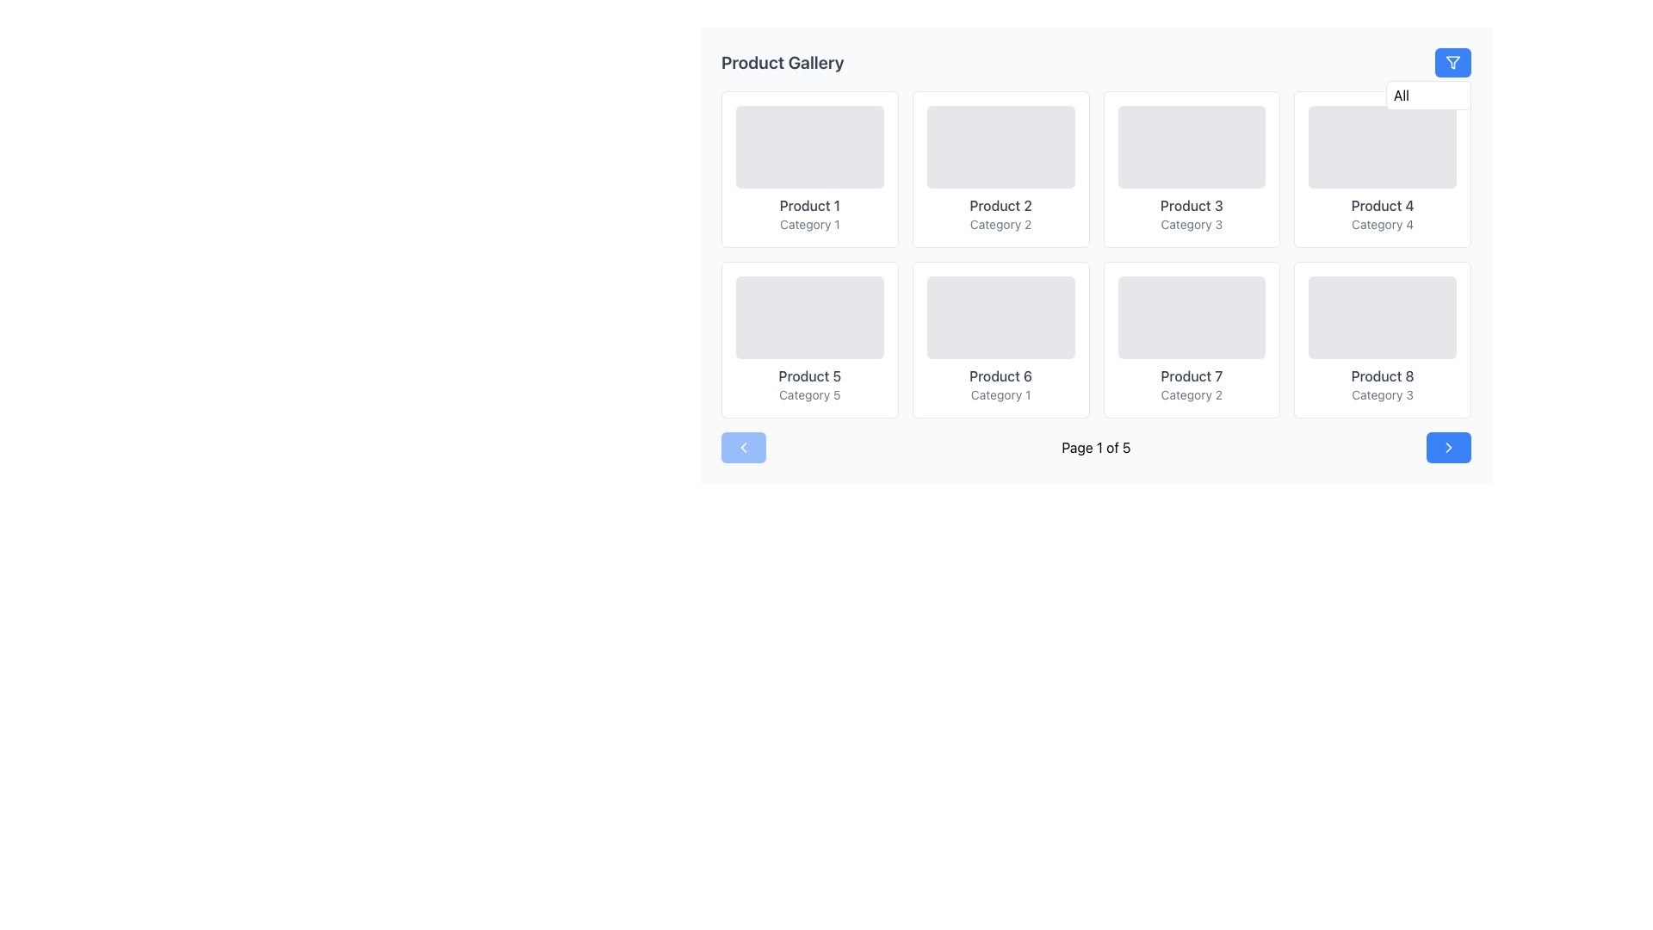  What do you see at coordinates (1383, 395) in the screenshot?
I see `the text label displaying 'Category 3', which is styled in light gray color and located below 'Product 8' within a bordered card layout` at bounding box center [1383, 395].